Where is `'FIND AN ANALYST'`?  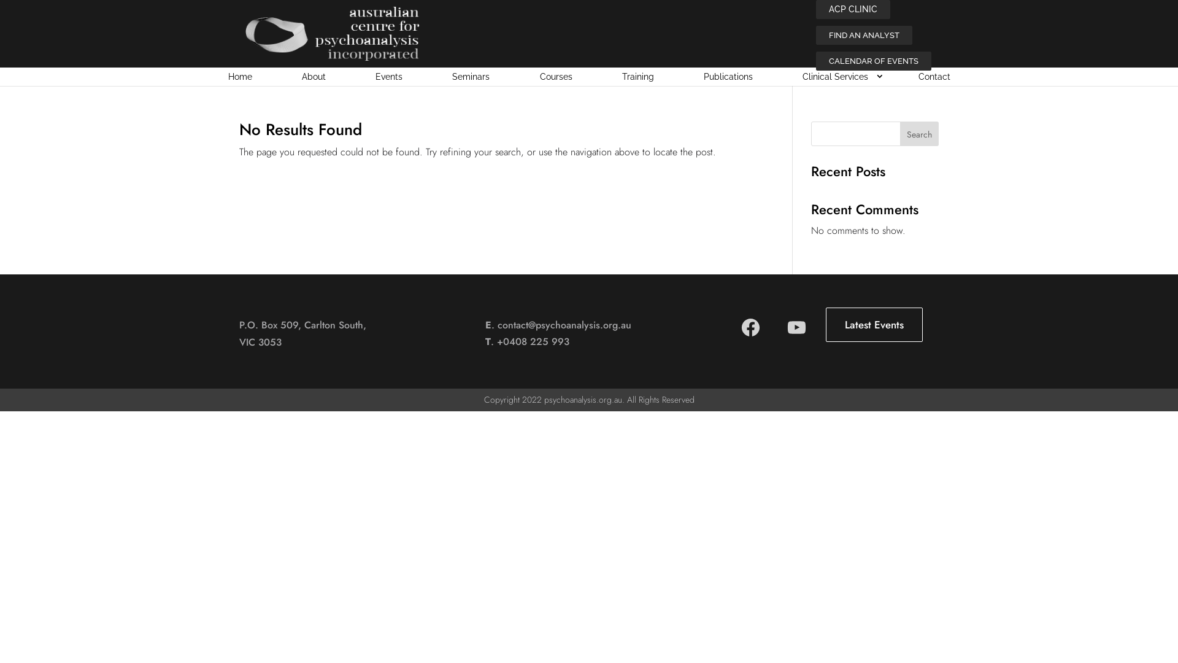 'FIND AN ANALYST' is located at coordinates (815, 34).